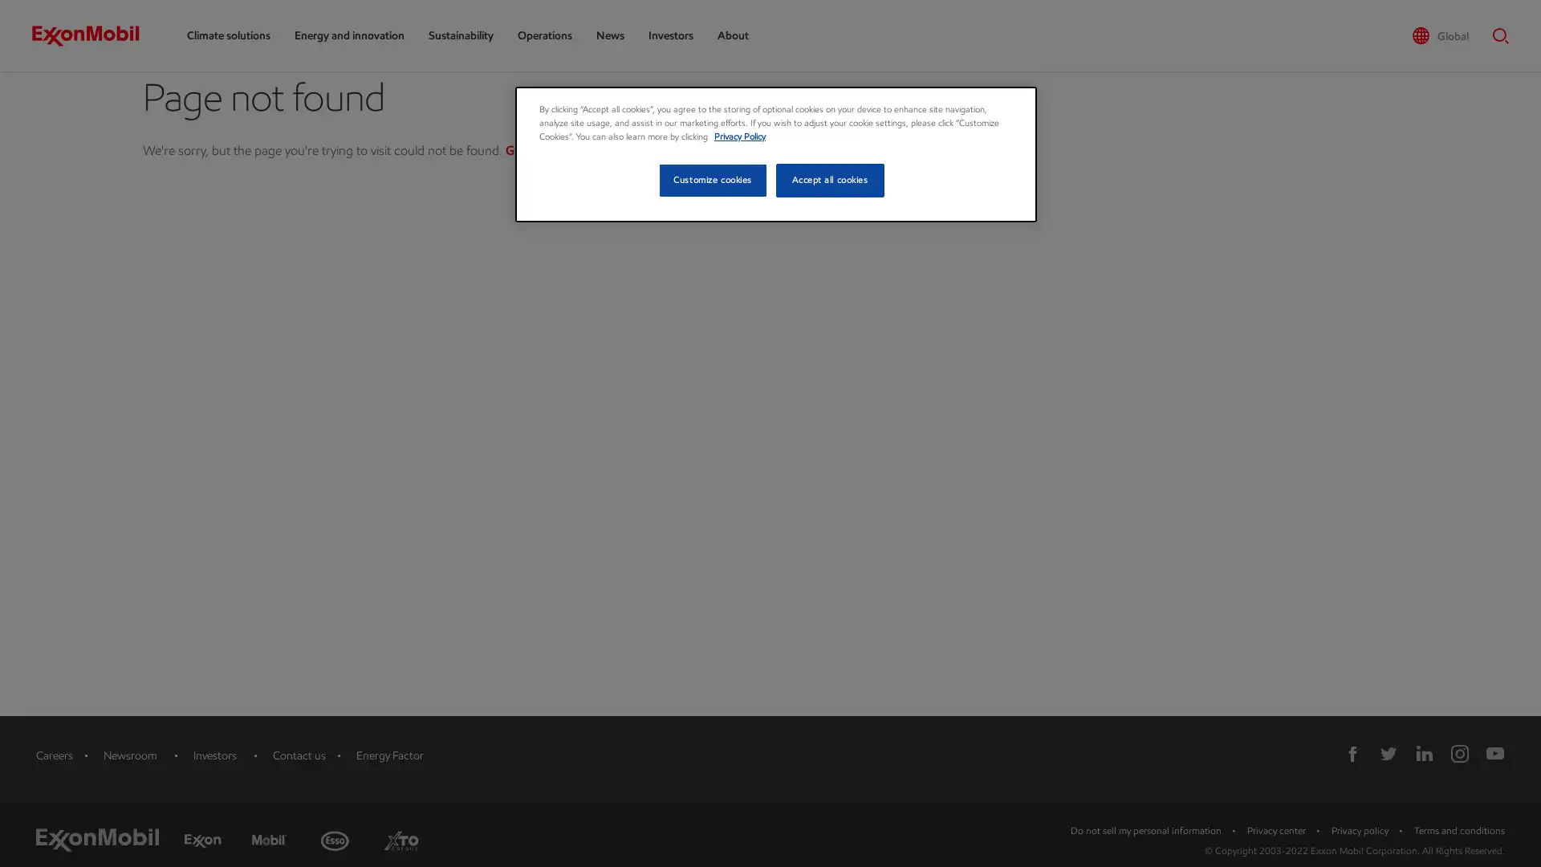 The height and width of the screenshot is (867, 1541). I want to click on Global Selector, so click(1440, 36).